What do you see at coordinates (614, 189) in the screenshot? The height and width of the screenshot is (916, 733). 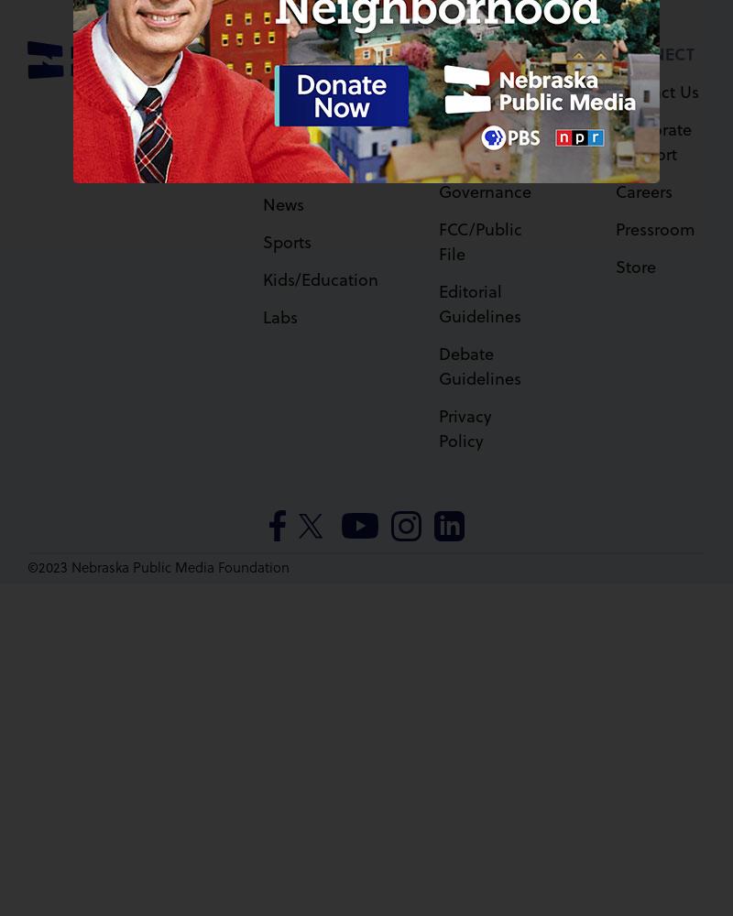 I see `'Careers'` at bounding box center [614, 189].